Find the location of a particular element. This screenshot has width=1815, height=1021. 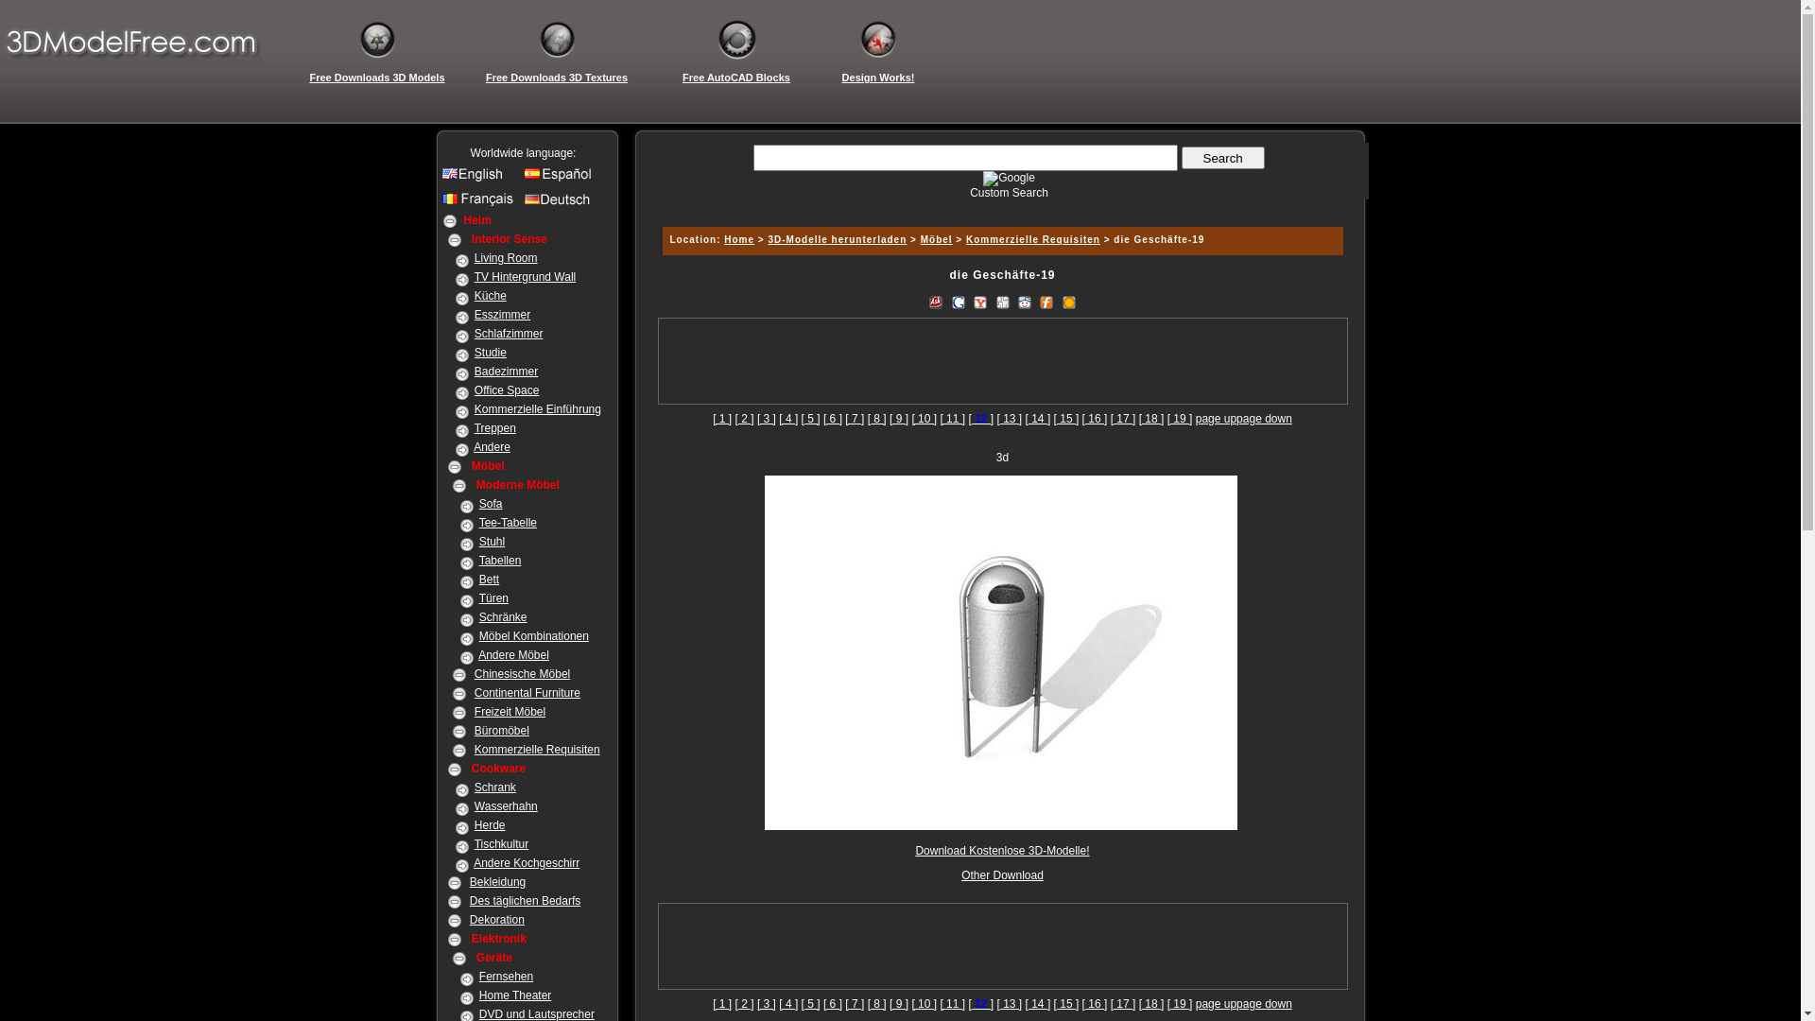

'Herde' is located at coordinates (490, 823).